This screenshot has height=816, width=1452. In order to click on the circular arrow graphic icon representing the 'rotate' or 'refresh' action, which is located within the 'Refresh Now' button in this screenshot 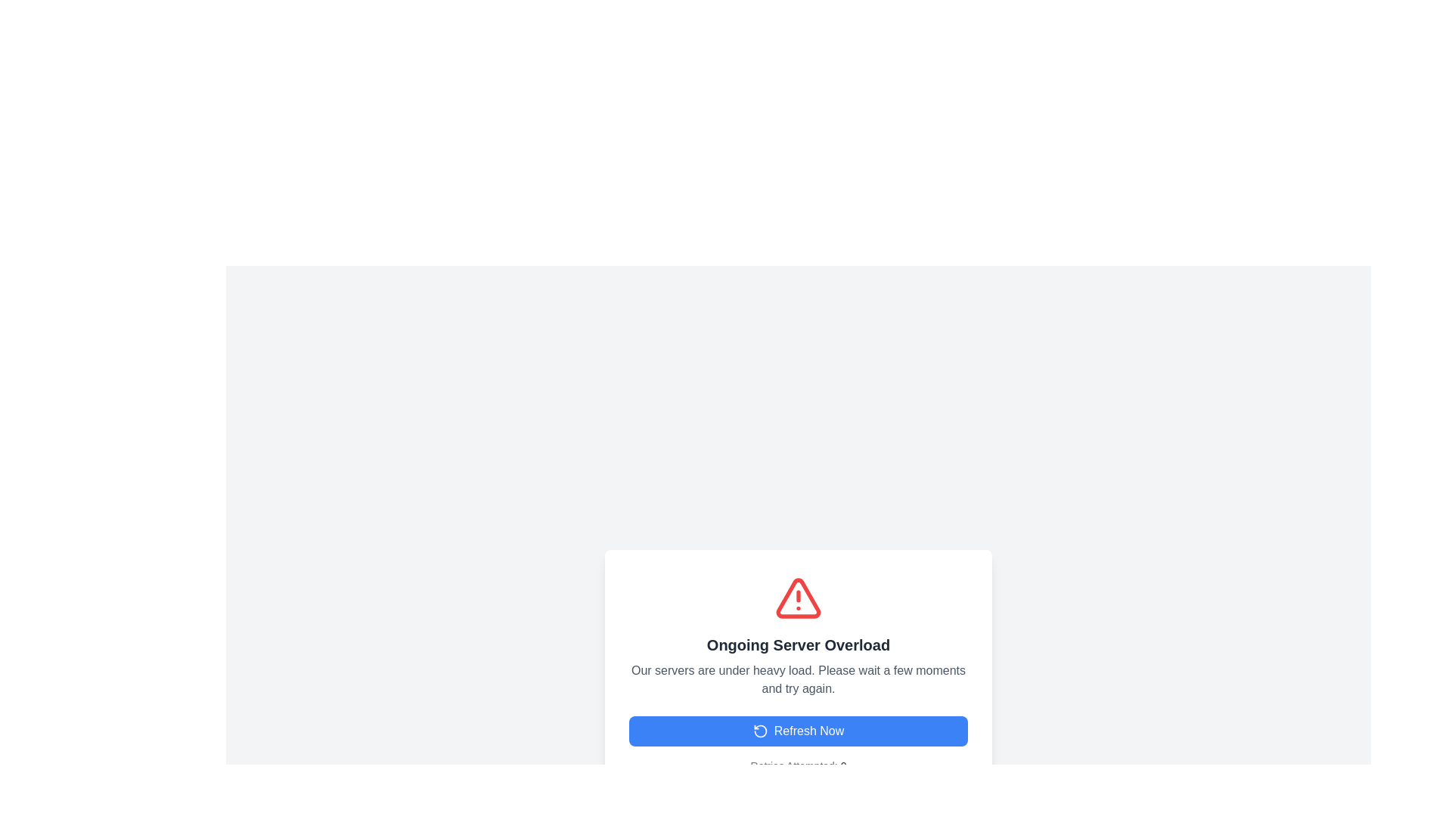, I will do `click(760, 731)`.